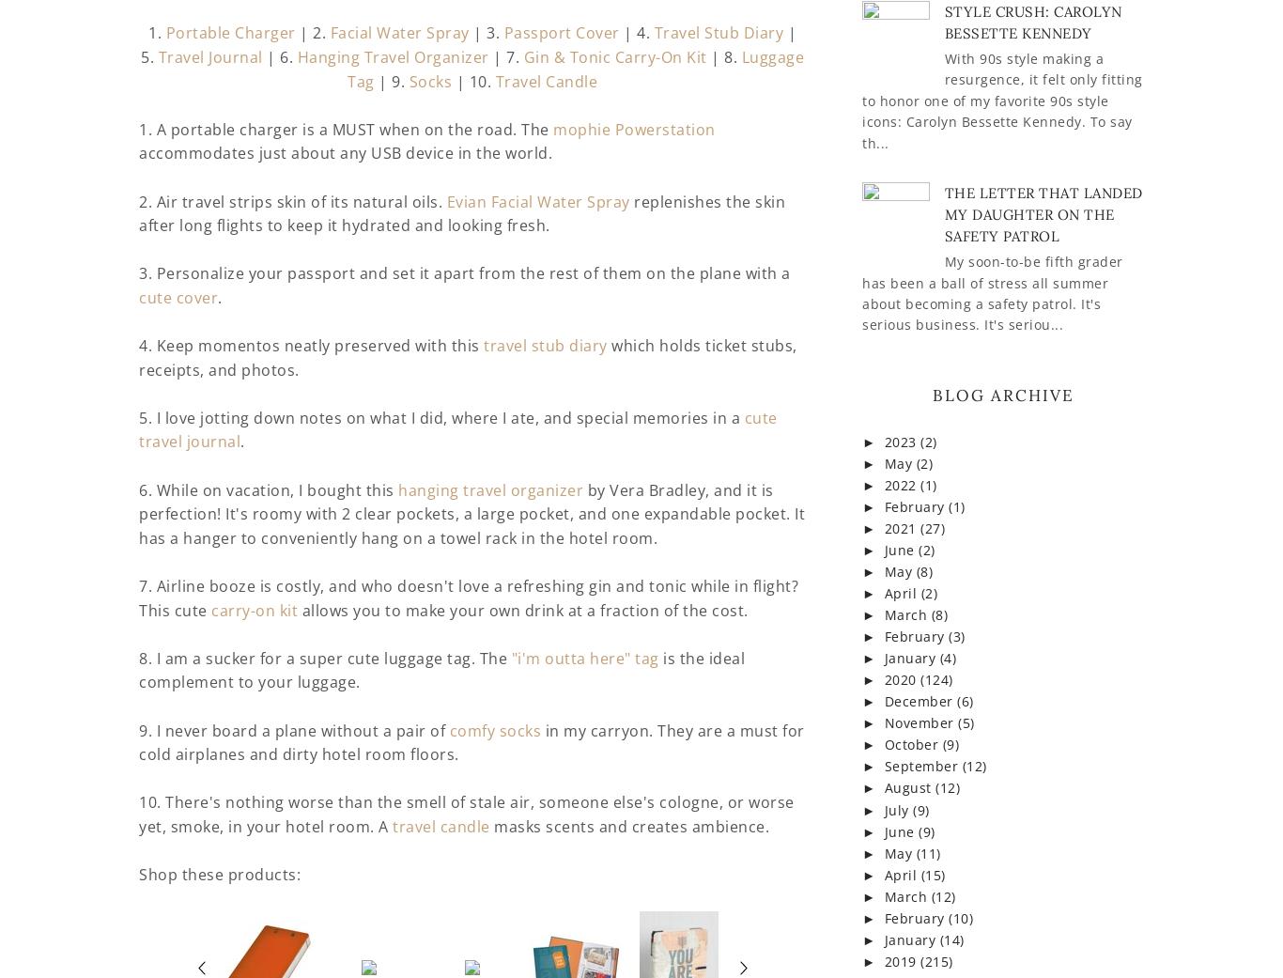  Describe the element at coordinates (902, 483) in the screenshot. I see `'2022'` at that location.